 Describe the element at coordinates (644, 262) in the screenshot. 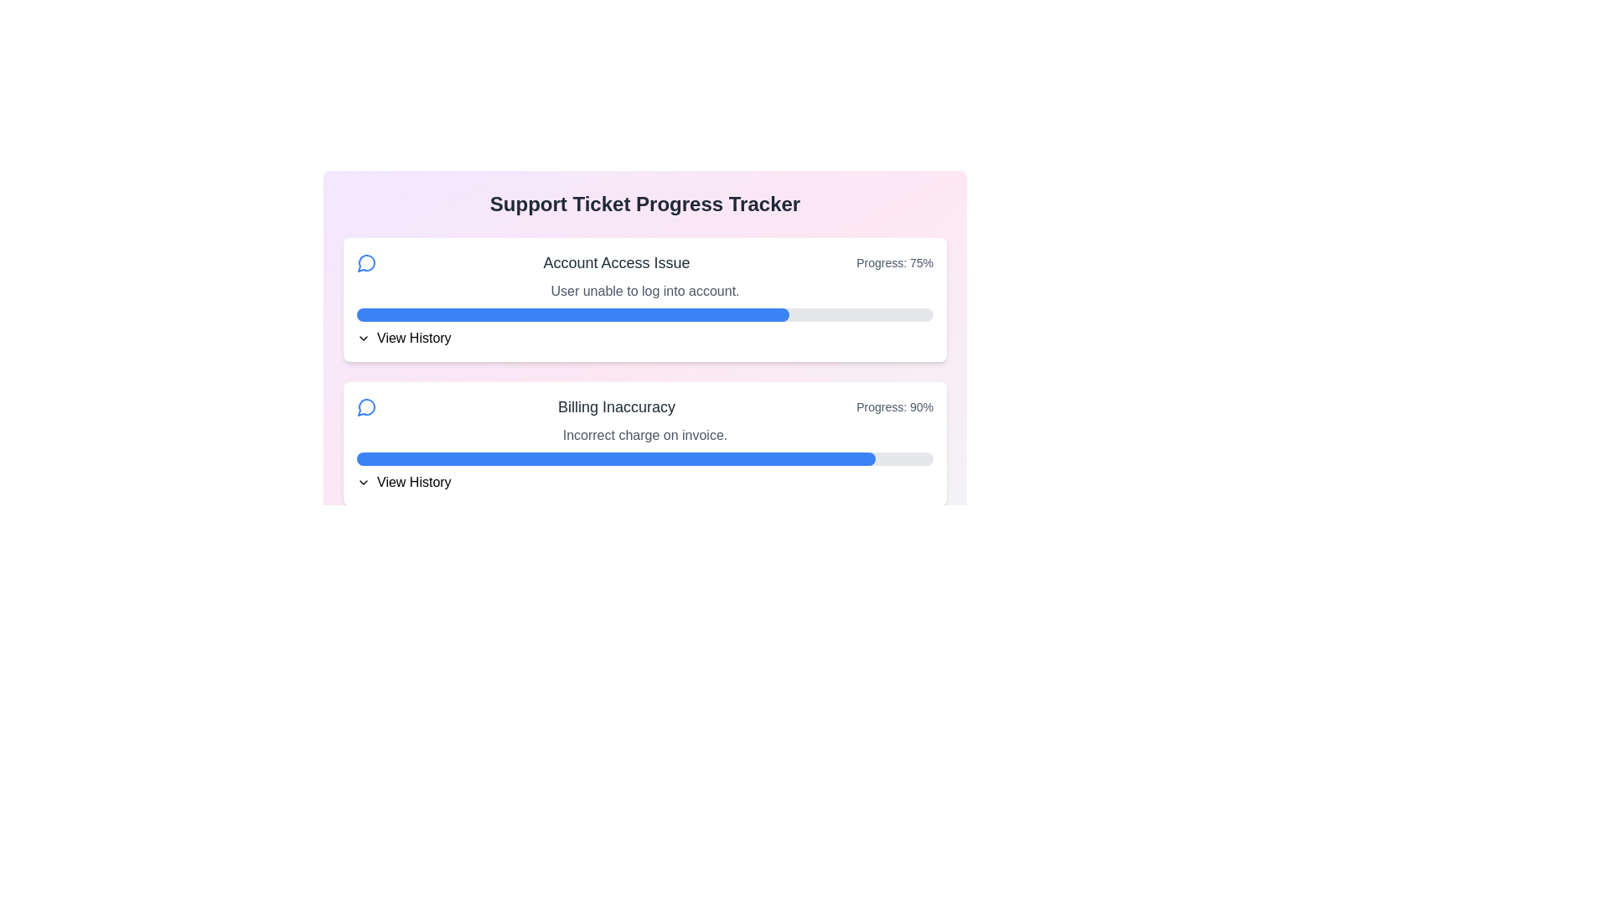

I see `the Text and icon section that summarizes the main issue related to the ticket and its current progress, positioned at the top of the ticket details section` at that location.